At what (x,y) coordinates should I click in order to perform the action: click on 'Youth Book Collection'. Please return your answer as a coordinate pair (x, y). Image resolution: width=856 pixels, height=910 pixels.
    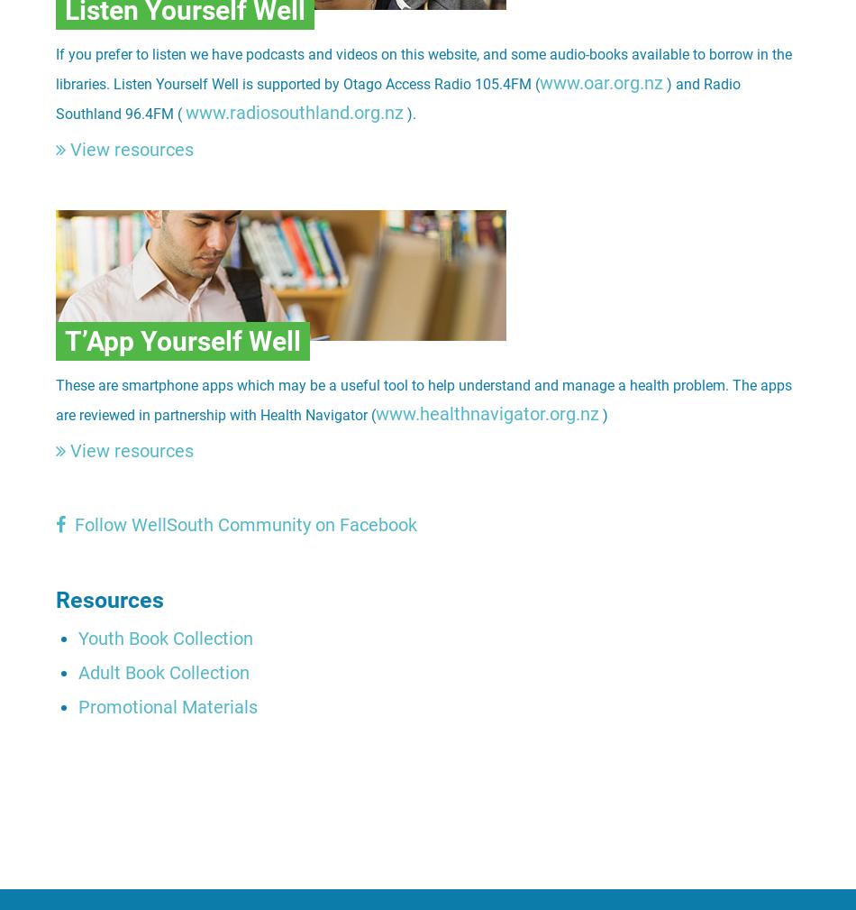
    Looking at the image, I should click on (164, 639).